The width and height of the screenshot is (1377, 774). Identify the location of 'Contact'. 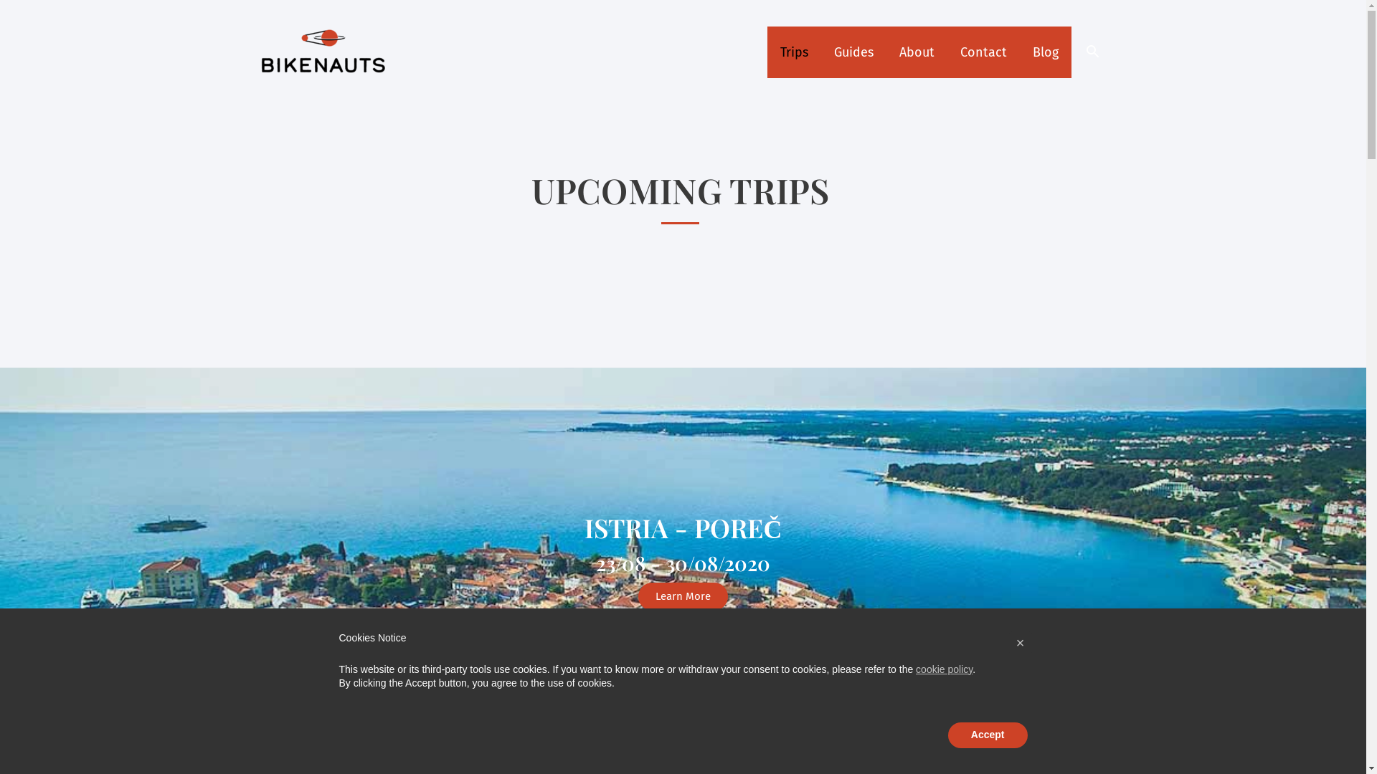
(983, 52).